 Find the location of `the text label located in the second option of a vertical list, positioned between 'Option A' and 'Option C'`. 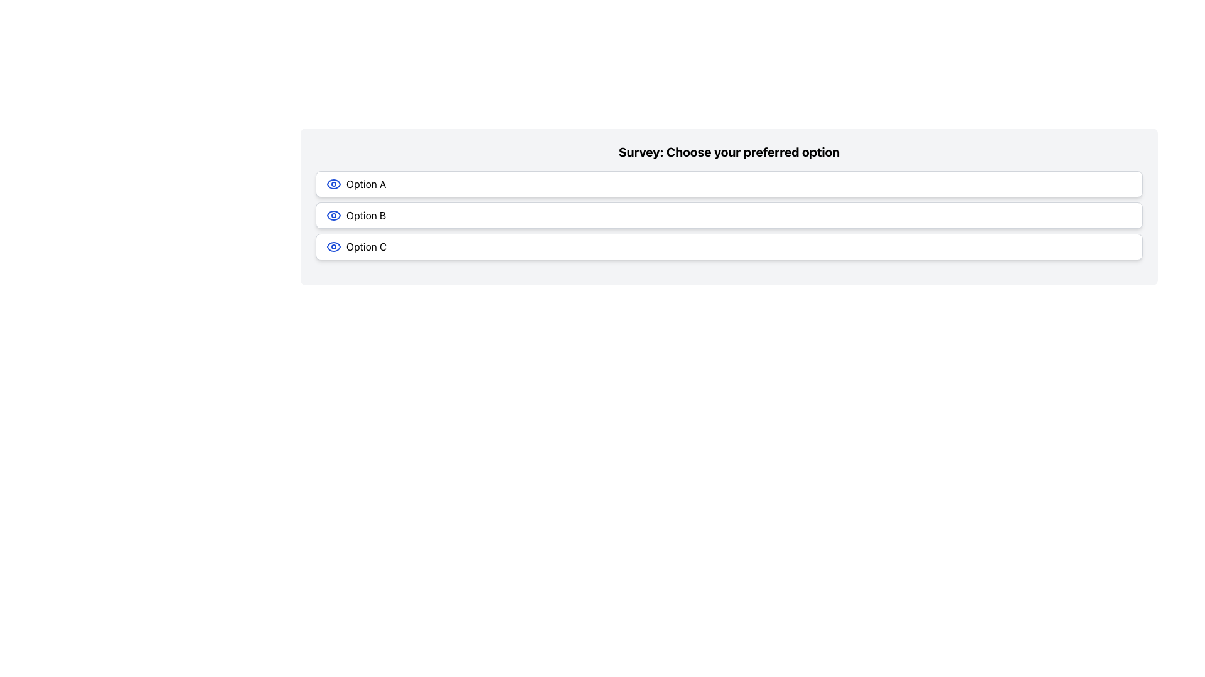

the text label located in the second option of a vertical list, positioned between 'Option A' and 'Option C' is located at coordinates (365, 214).